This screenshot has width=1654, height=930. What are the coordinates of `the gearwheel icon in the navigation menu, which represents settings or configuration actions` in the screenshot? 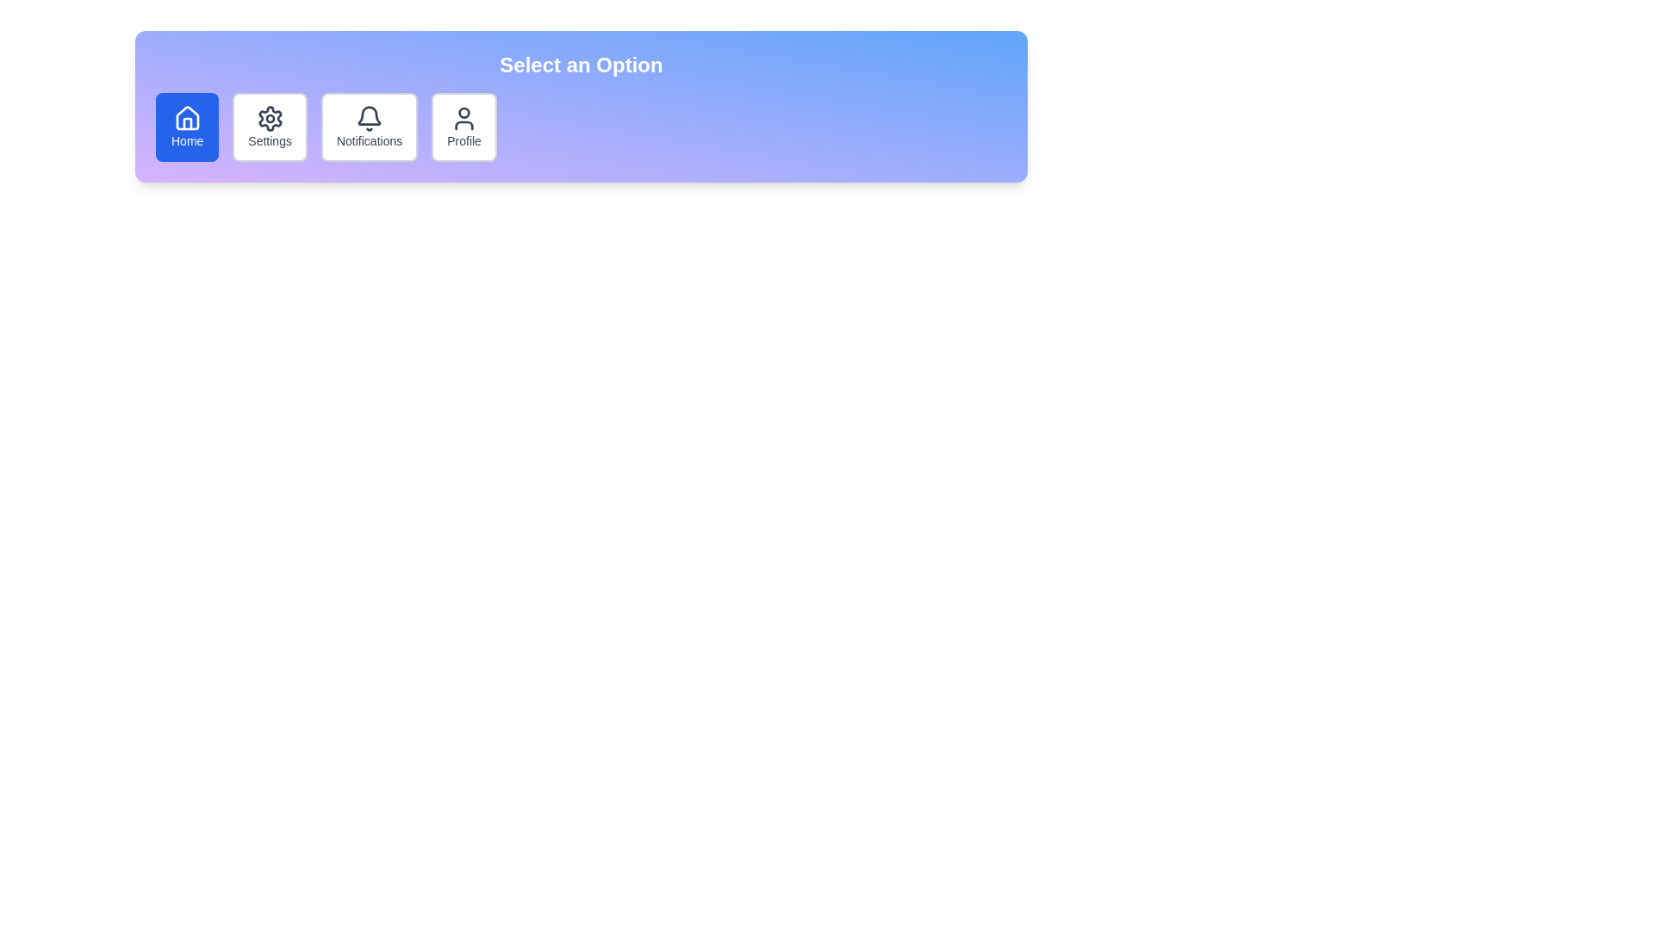 It's located at (269, 118).